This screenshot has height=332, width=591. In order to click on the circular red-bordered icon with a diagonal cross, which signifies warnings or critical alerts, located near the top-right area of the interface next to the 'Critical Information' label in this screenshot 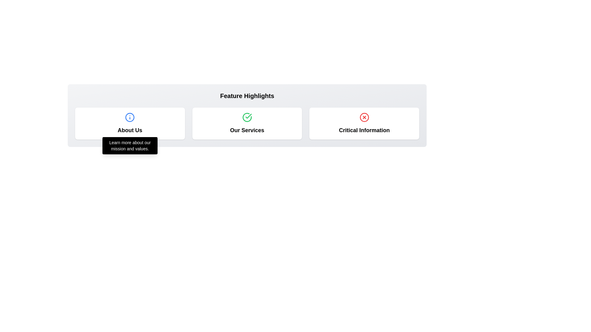, I will do `click(364, 117)`.